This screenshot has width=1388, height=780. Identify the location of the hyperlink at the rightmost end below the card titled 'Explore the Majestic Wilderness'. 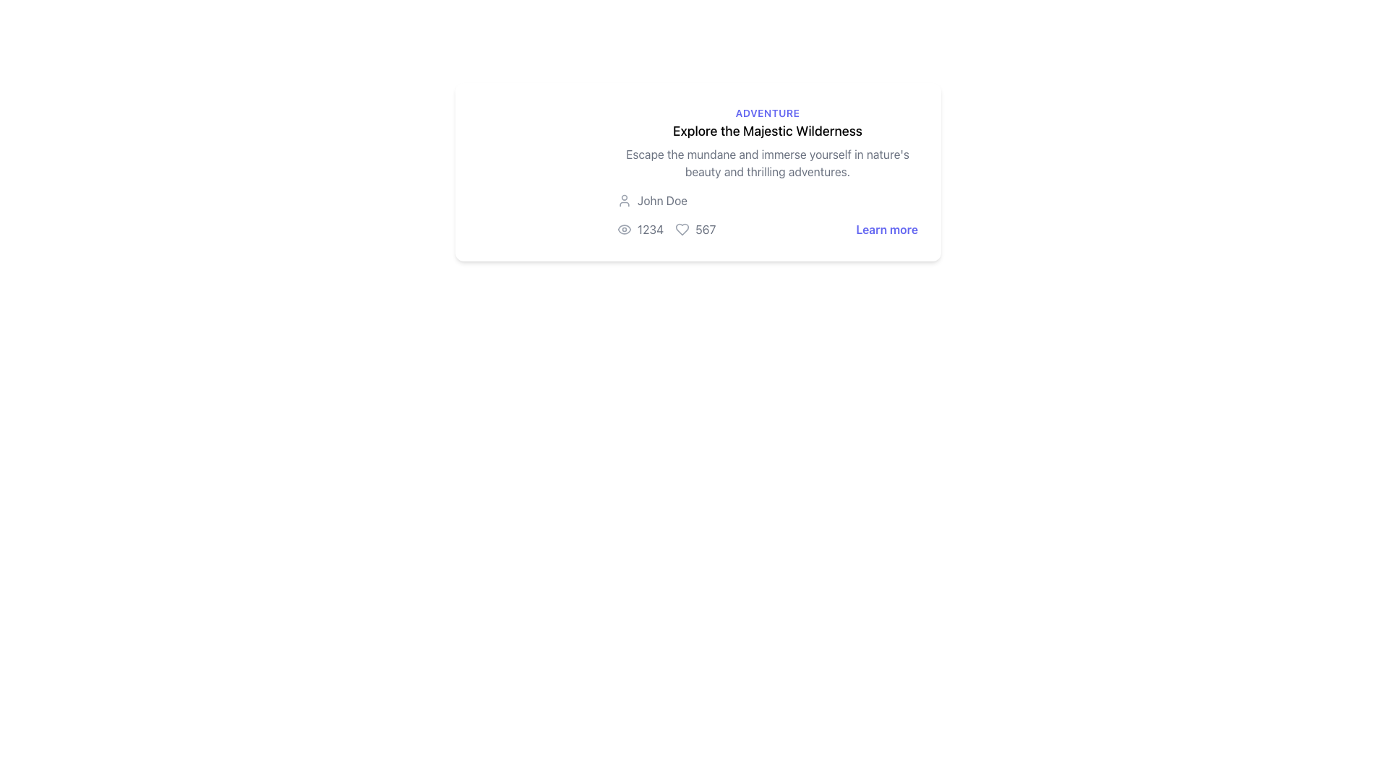
(886, 228).